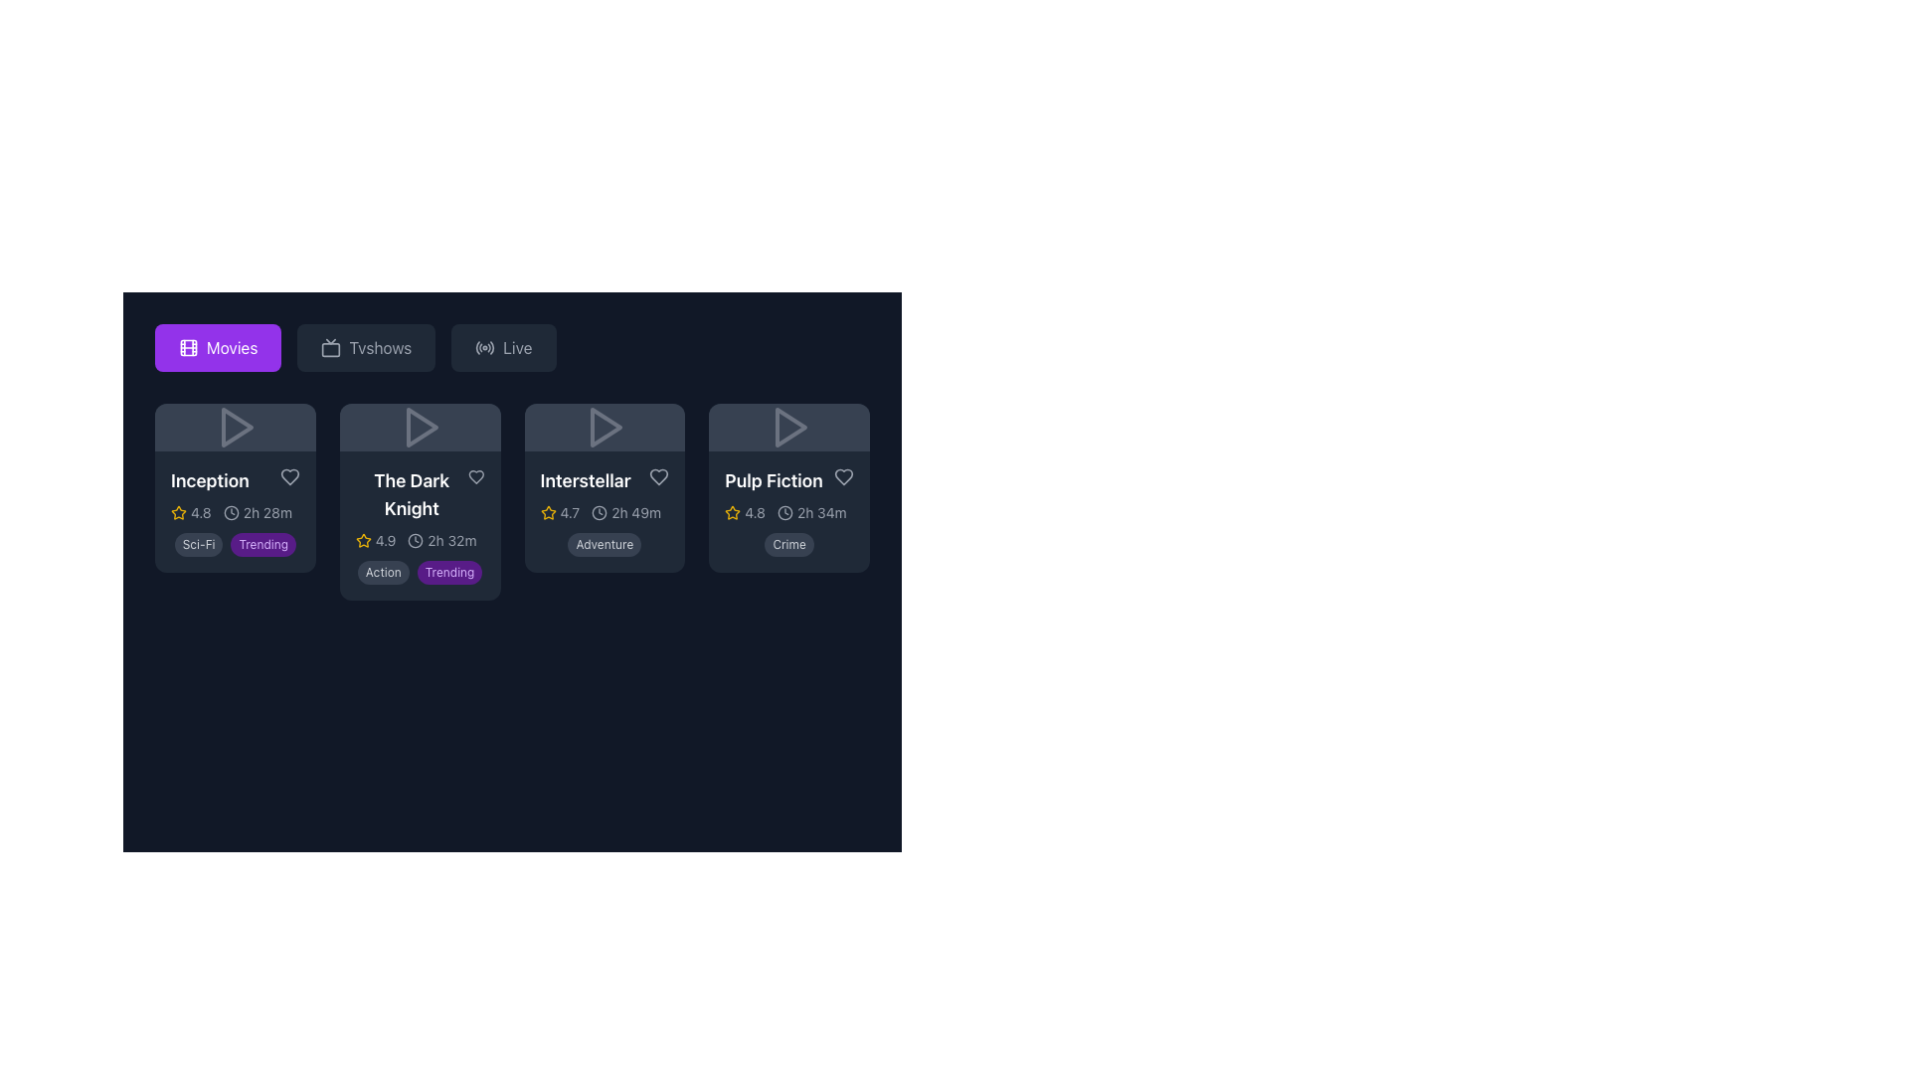 The image size is (1909, 1074). What do you see at coordinates (788, 512) in the screenshot?
I see `the informational component displaying the rating '4.8' and time '2h 34m' for the movie 'Pulp Fiction', which includes a yellow star and a clock icon` at bounding box center [788, 512].